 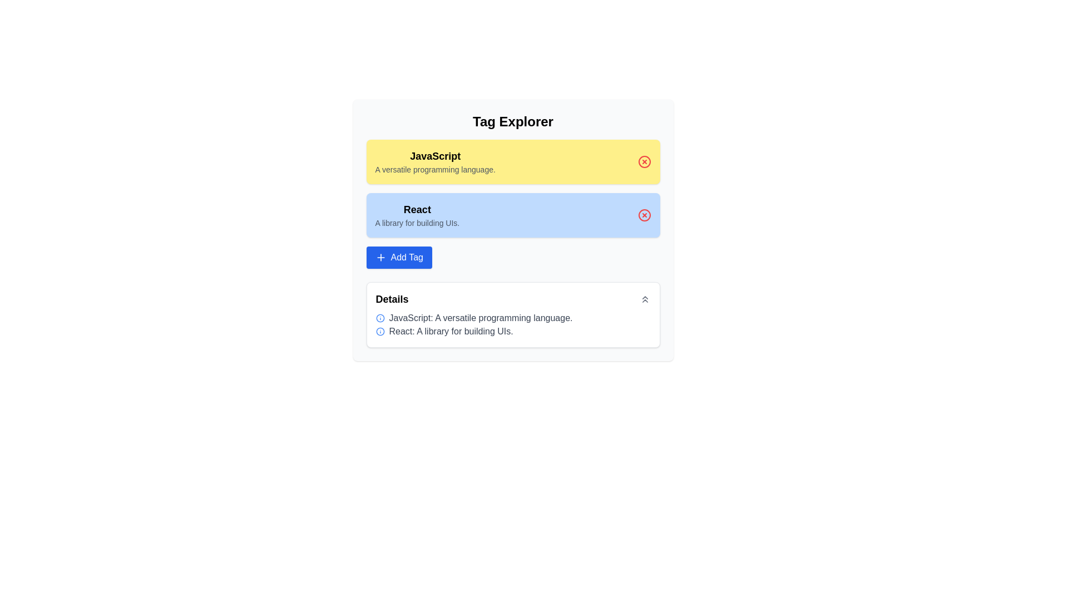 What do you see at coordinates (380, 331) in the screenshot?
I see `information icon, which is a blue circular icon with a lowercase 'i' located in the top-left corner of the 'React' description area in the 'Details' section` at bounding box center [380, 331].